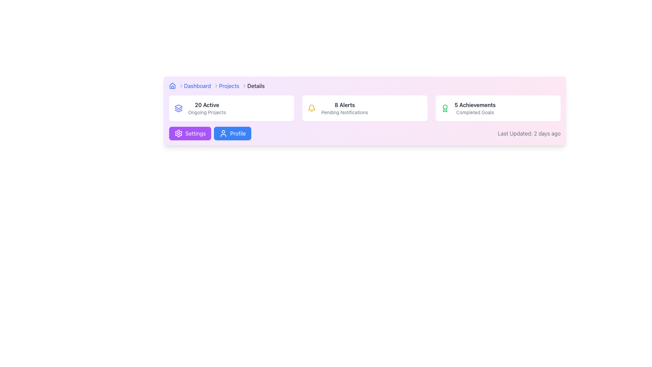 This screenshot has width=652, height=367. I want to click on the 'home' breadcrumb item located at the start of the breadcrumb navigation, so click(176, 86).